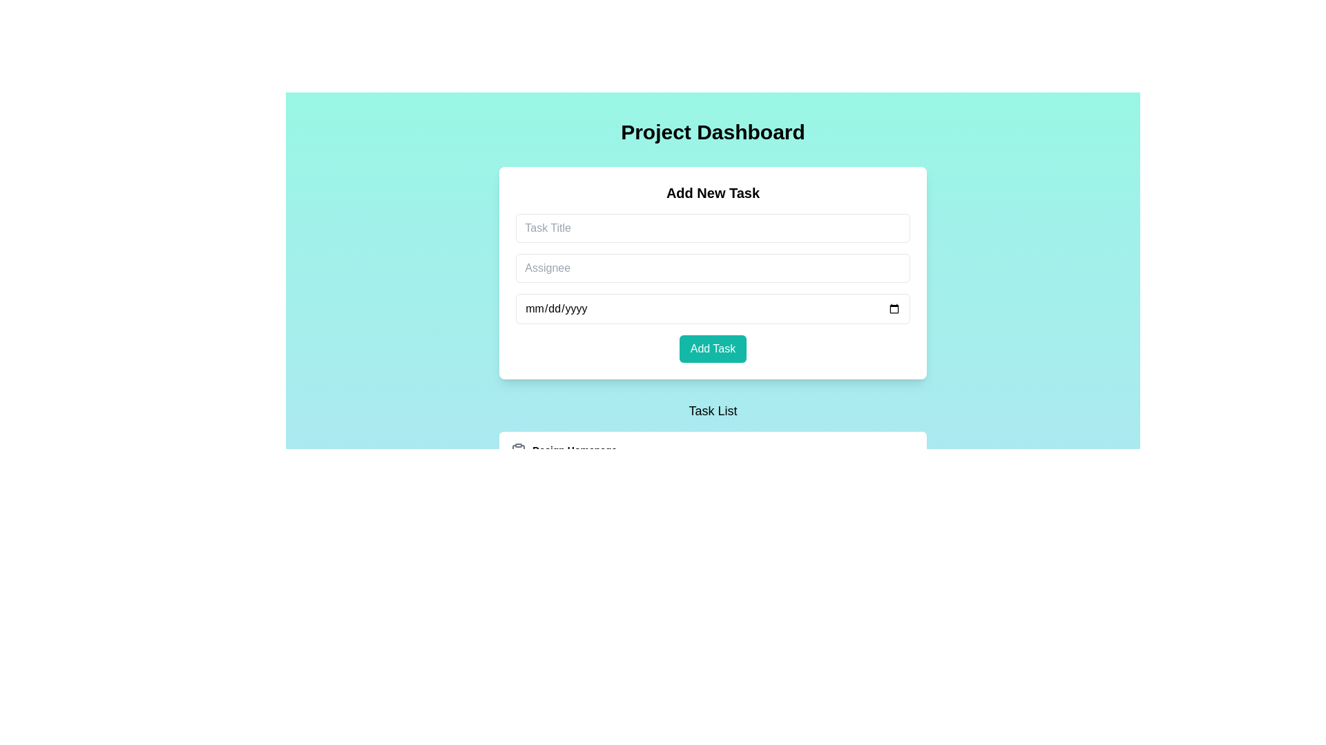 Image resolution: width=1326 pixels, height=745 pixels. Describe the element at coordinates (518, 452) in the screenshot. I see `the clipboard icon located beside the task title in the 'Task List' section of the dashboard` at that location.